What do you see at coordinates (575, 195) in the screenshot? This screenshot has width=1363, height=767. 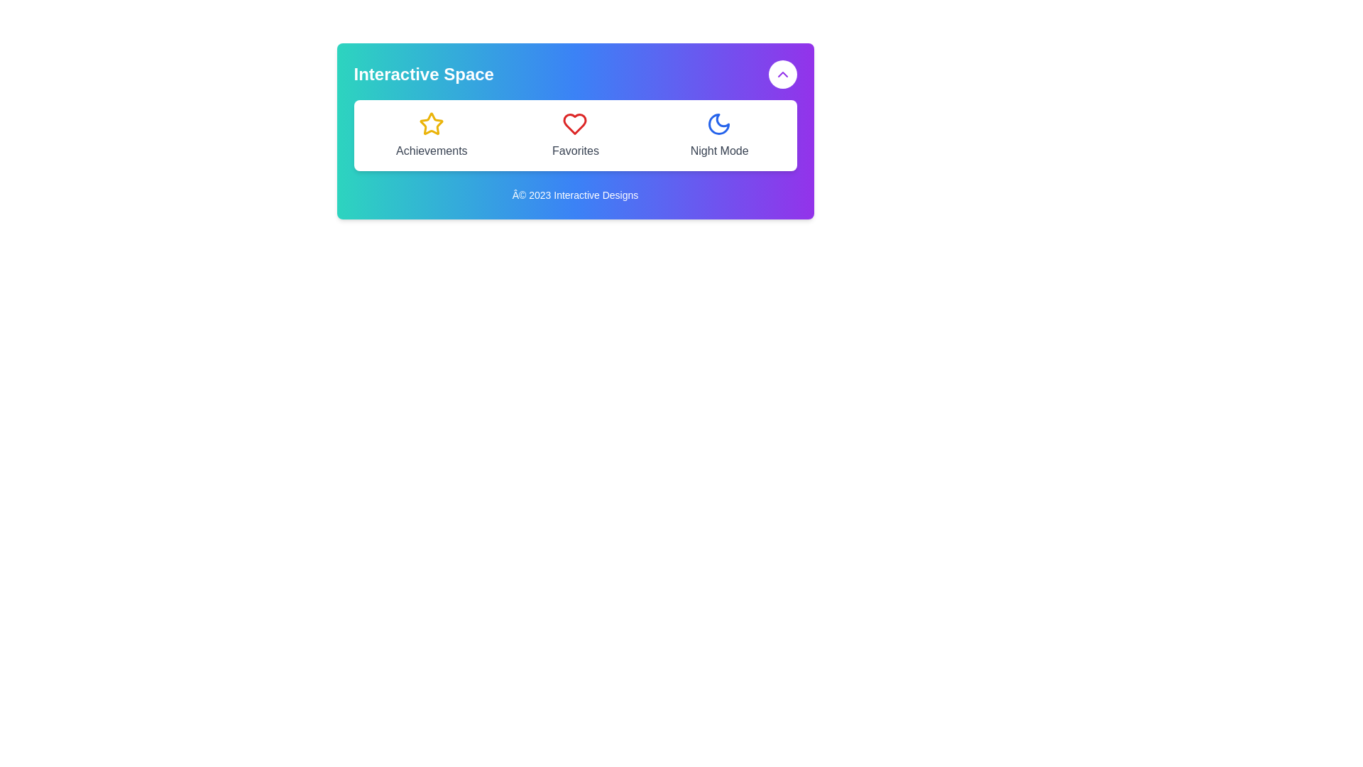 I see `the text label displaying '© 2023 Interactive Designs' which is styled in small white text and centered at the bottom of the interface` at bounding box center [575, 195].